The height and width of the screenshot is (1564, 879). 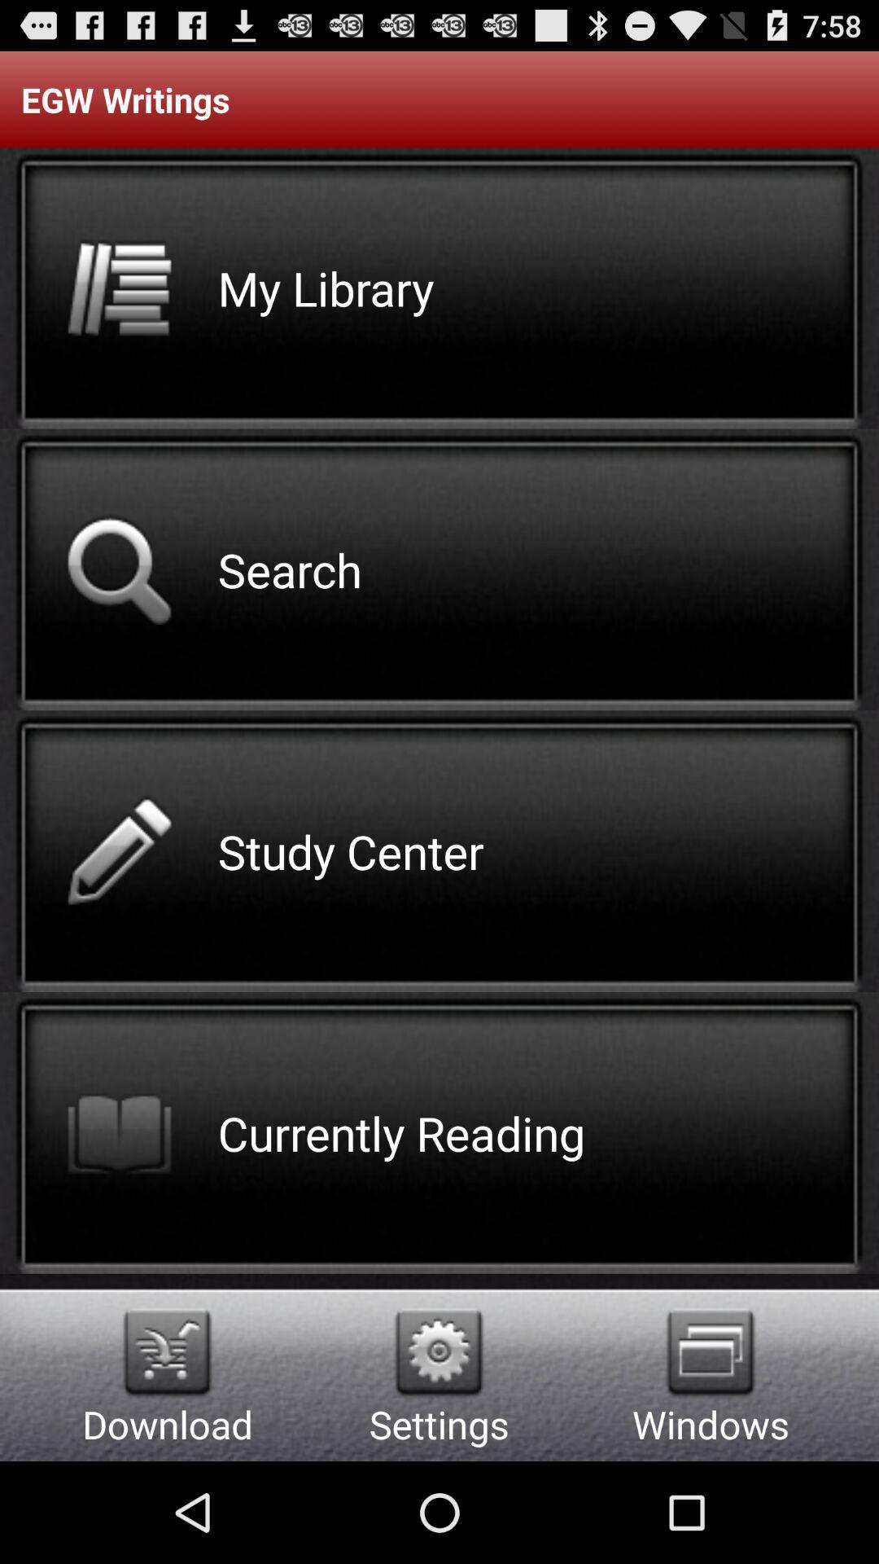 What do you see at coordinates (438, 1352) in the screenshot?
I see `settings menu` at bounding box center [438, 1352].